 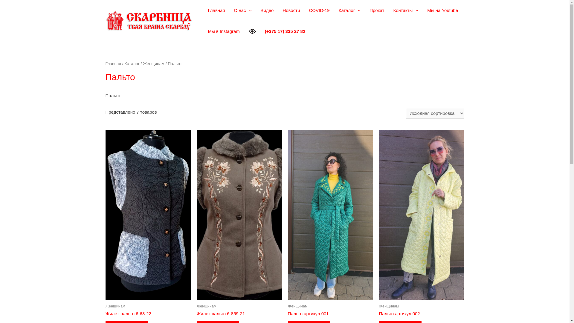 I want to click on '(+375 17) 335 27 82', so click(x=260, y=31).